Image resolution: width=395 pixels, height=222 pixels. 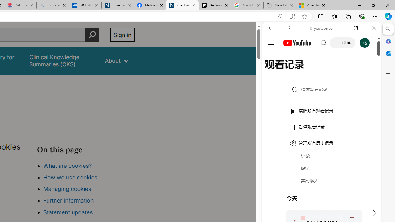 What do you see at coordinates (20, 5) in the screenshot?
I see `'Arthritis: Ask Health Professionals'` at bounding box center [20, 5].